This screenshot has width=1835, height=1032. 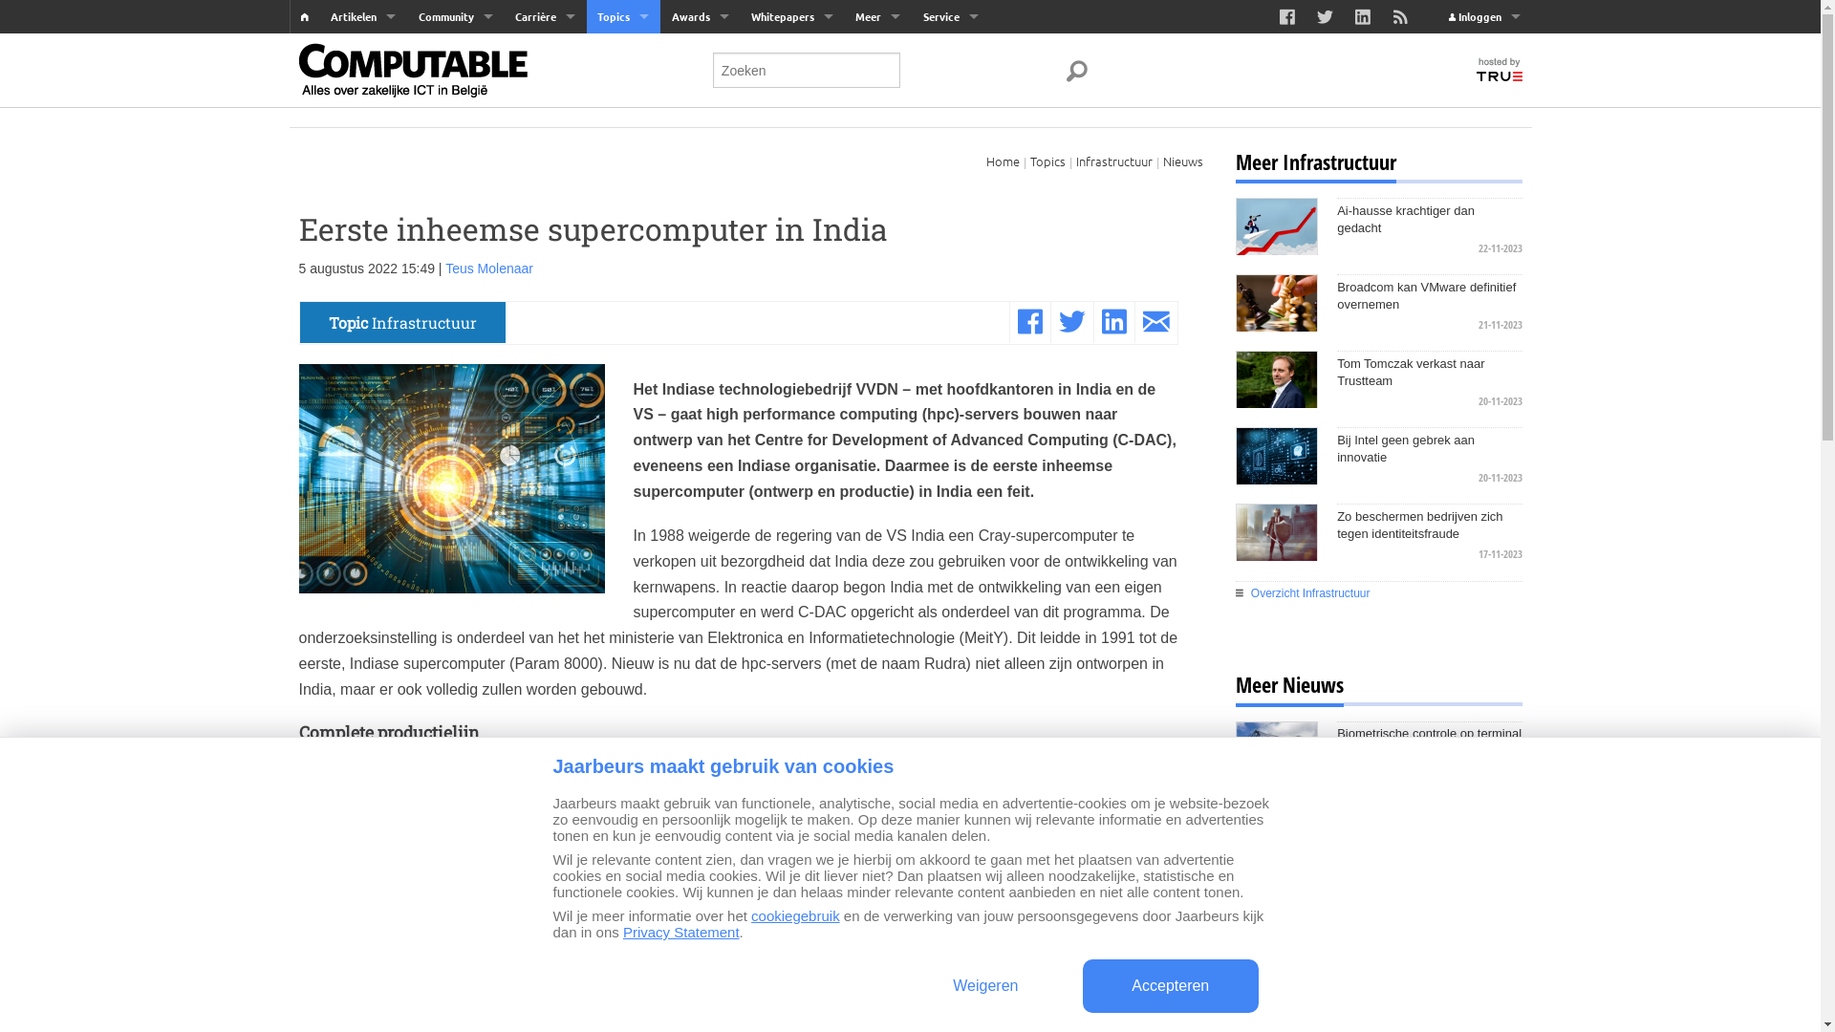 I want to click on 'Privacy Statement', so click(x=681, y=931).